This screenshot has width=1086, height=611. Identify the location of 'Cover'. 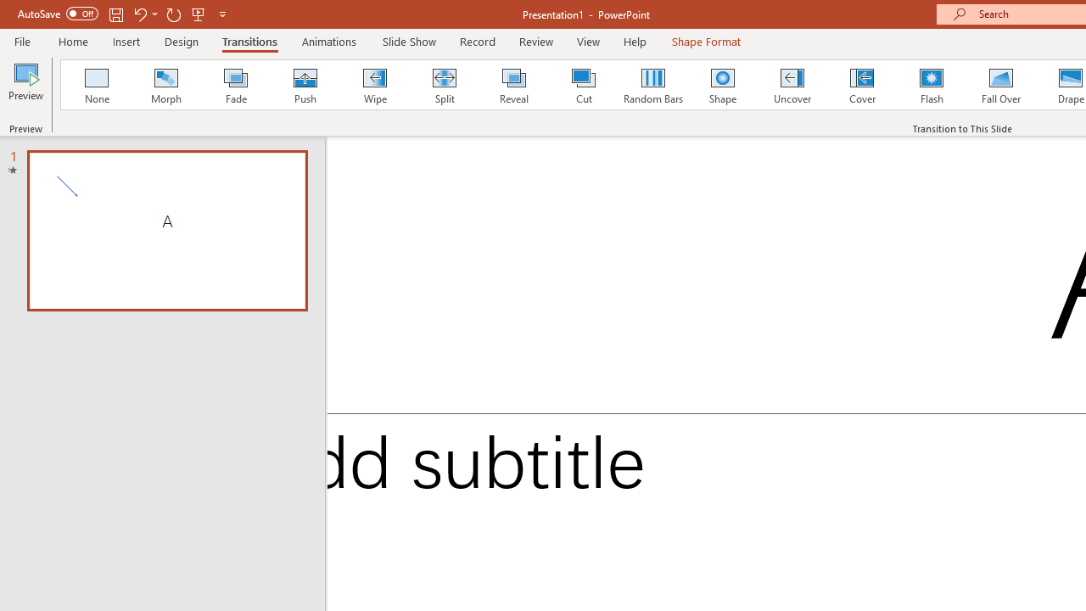
(862, 85).